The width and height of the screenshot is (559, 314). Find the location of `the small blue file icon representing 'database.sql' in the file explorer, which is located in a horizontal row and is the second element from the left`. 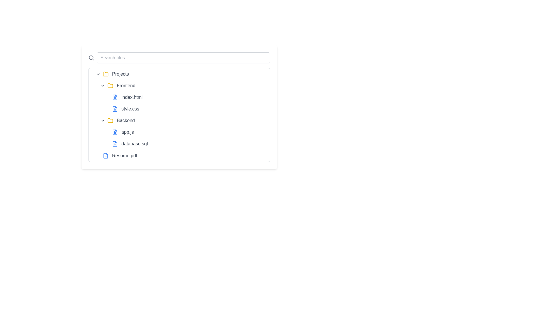

the small blue file icon representing 'database.sql' in the file explorer, which is located in a horizontal row and is the second element from the left is located at coordinates (115, 144).